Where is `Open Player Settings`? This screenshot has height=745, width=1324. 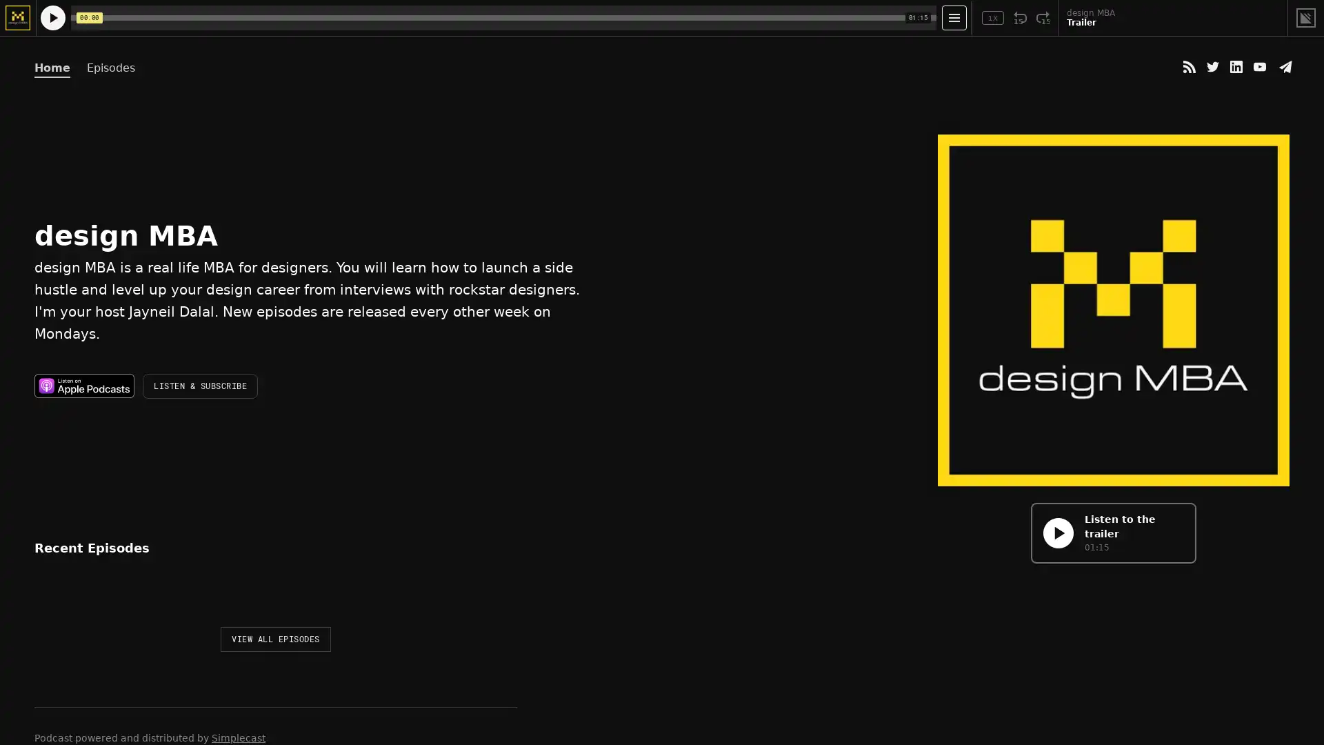 Open Player Settings is located at coordinates (953, 18).